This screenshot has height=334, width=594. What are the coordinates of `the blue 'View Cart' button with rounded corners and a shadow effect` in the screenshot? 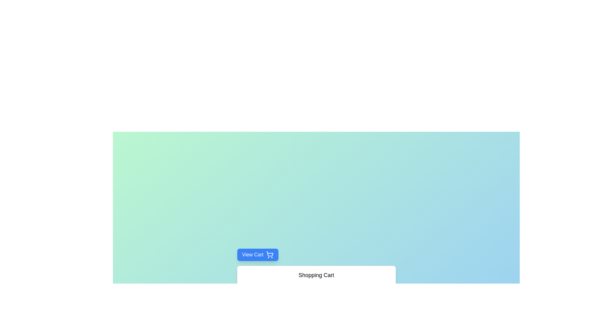 It's located at (258, 255).